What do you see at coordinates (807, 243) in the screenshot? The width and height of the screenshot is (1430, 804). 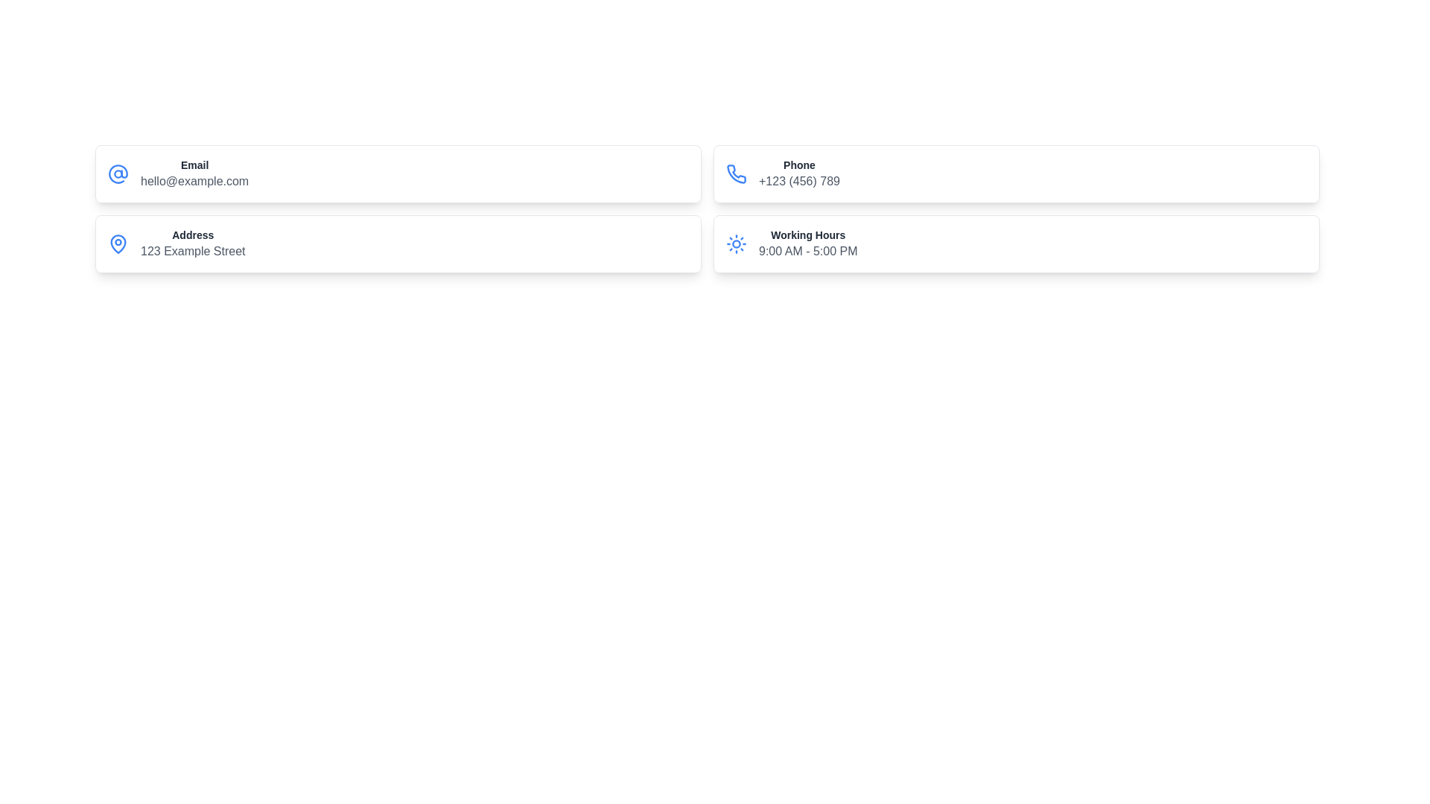 I see `the Text Display that shows 'Working Hours' and '9:00 AM - 5:00 PM' located in the bottom-right section of the layout` at bounding box center [807, 243].